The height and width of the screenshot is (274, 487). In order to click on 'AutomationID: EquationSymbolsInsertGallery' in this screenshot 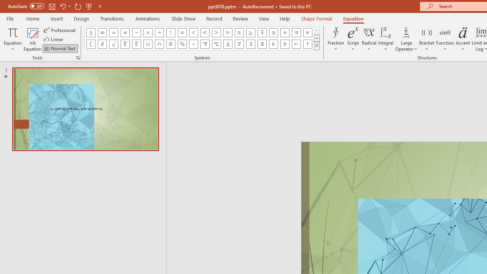, I will do `click(202, 38)`.